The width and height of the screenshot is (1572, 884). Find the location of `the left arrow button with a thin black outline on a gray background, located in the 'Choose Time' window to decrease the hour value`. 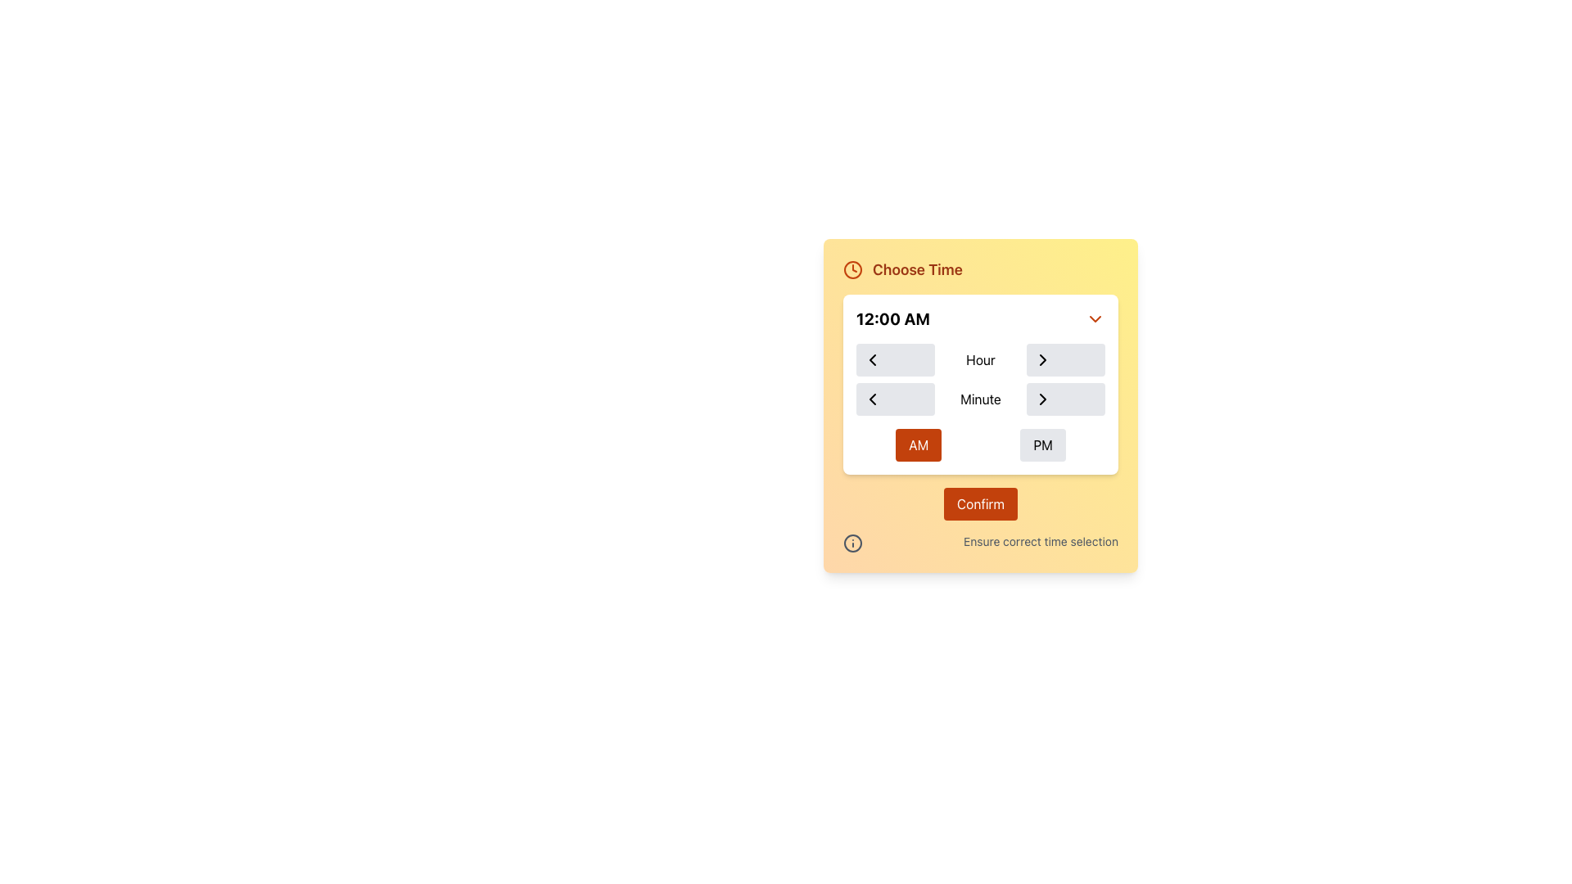

the left arrow button with a thin black outline on a gray background, located in the 'Choose Time' window to decrease the hour value is located at coordinates (871, 359).